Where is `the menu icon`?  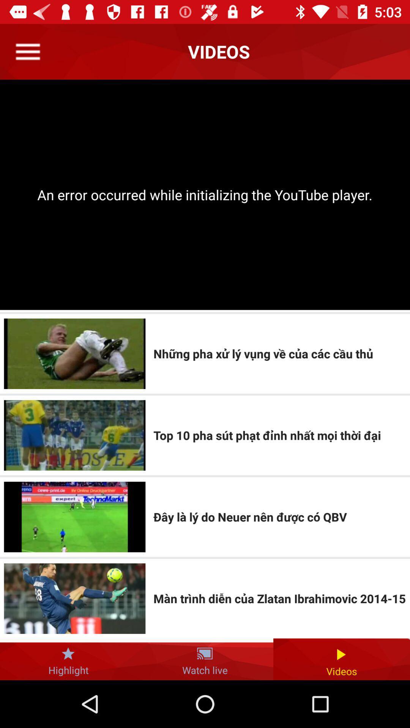 the menu icon is located at coordinates (27, 51).